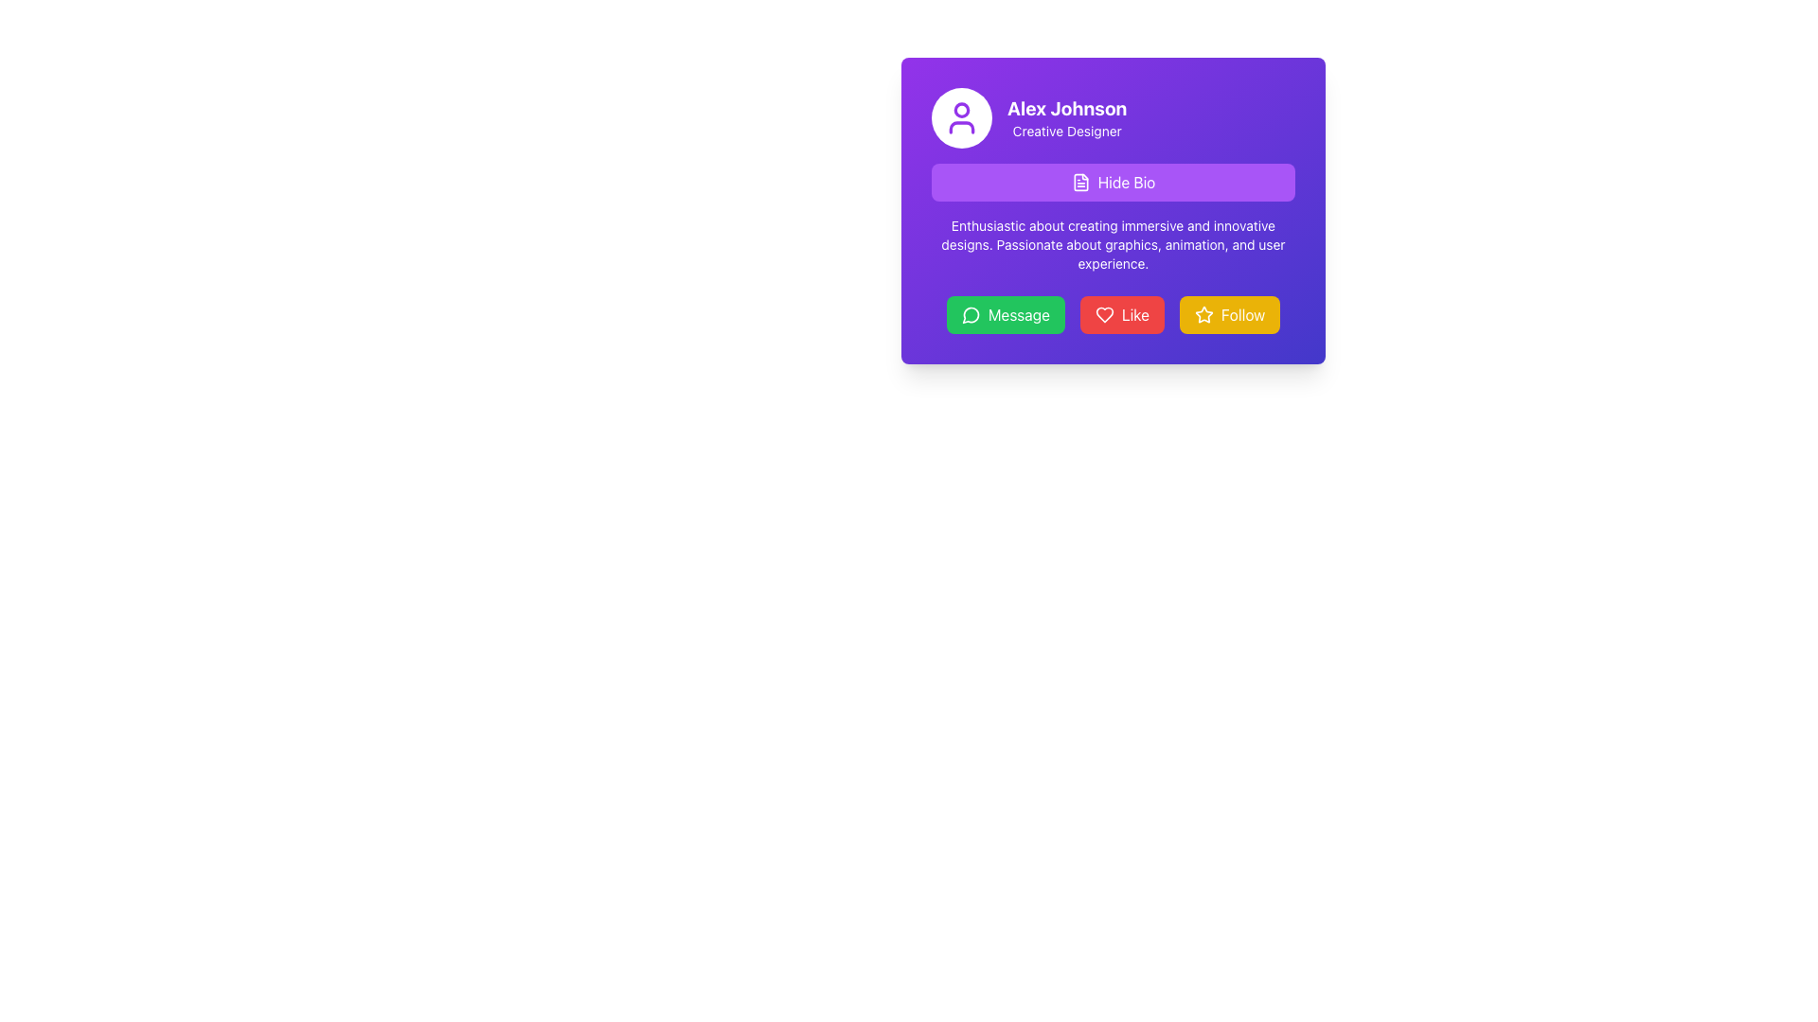  I want to click on the icon within the 'Message' button, which is the leftmost button in a row of three buttons at the bottom of the purple card interface, so click(971, 313).